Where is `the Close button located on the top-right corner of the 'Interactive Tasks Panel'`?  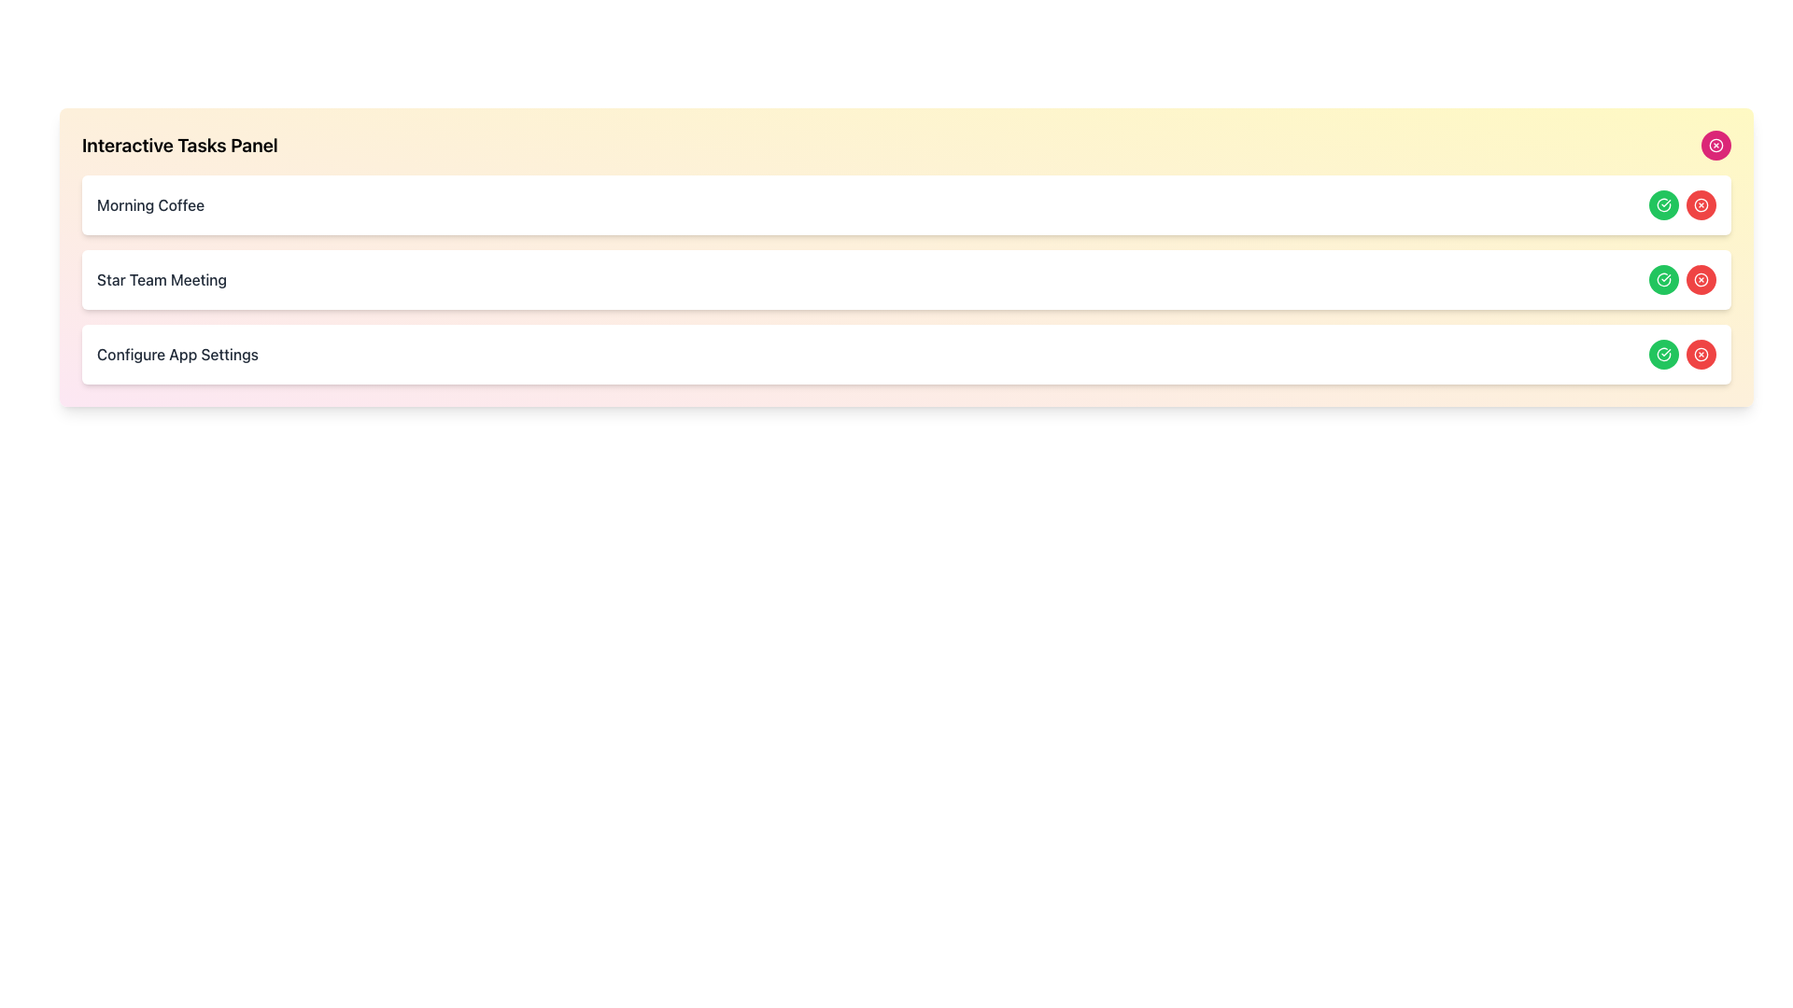
the Close button located on the top-right corner of the 'Interactive Tasks Panel' is located at coordinates (1716, 144).